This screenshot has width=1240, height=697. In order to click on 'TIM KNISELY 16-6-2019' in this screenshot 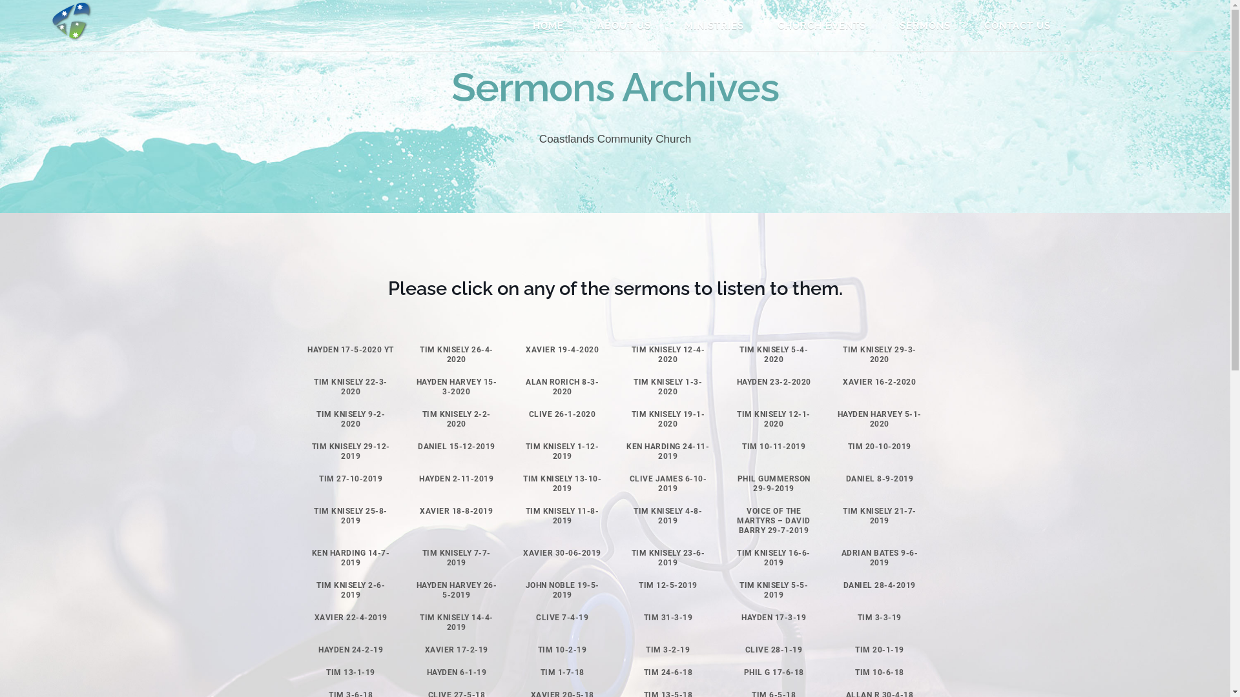, I will do `click(774, 557)`.